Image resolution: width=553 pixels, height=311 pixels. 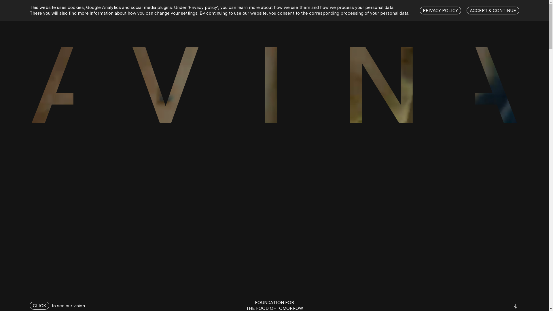 I want to click on 'ACCEPT & CONTINUE', so click(x=493, y=10).